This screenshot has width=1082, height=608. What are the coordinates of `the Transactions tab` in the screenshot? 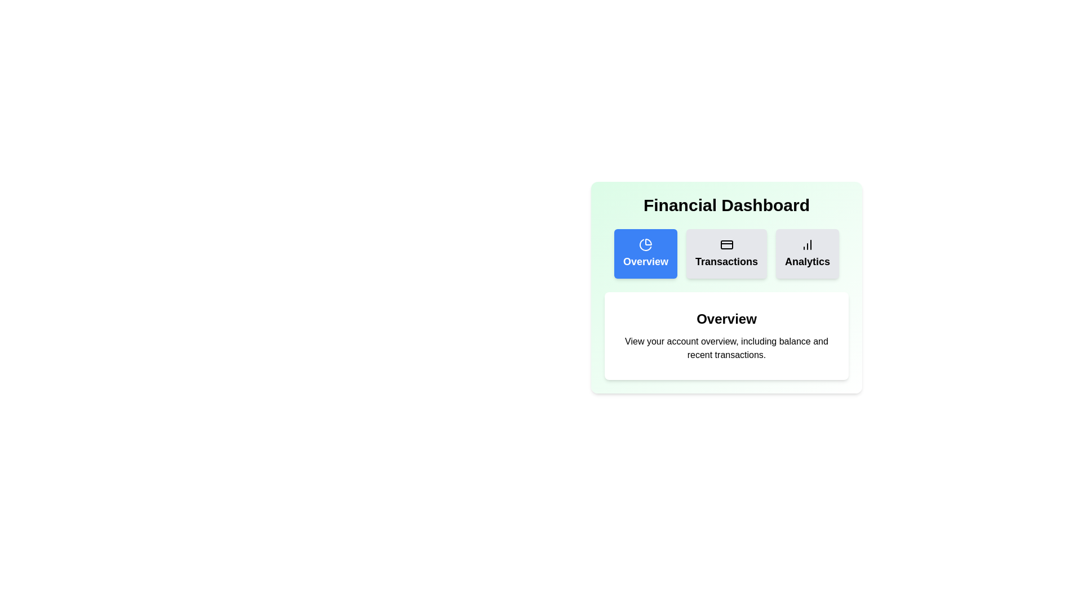 It's located at (726, 254).